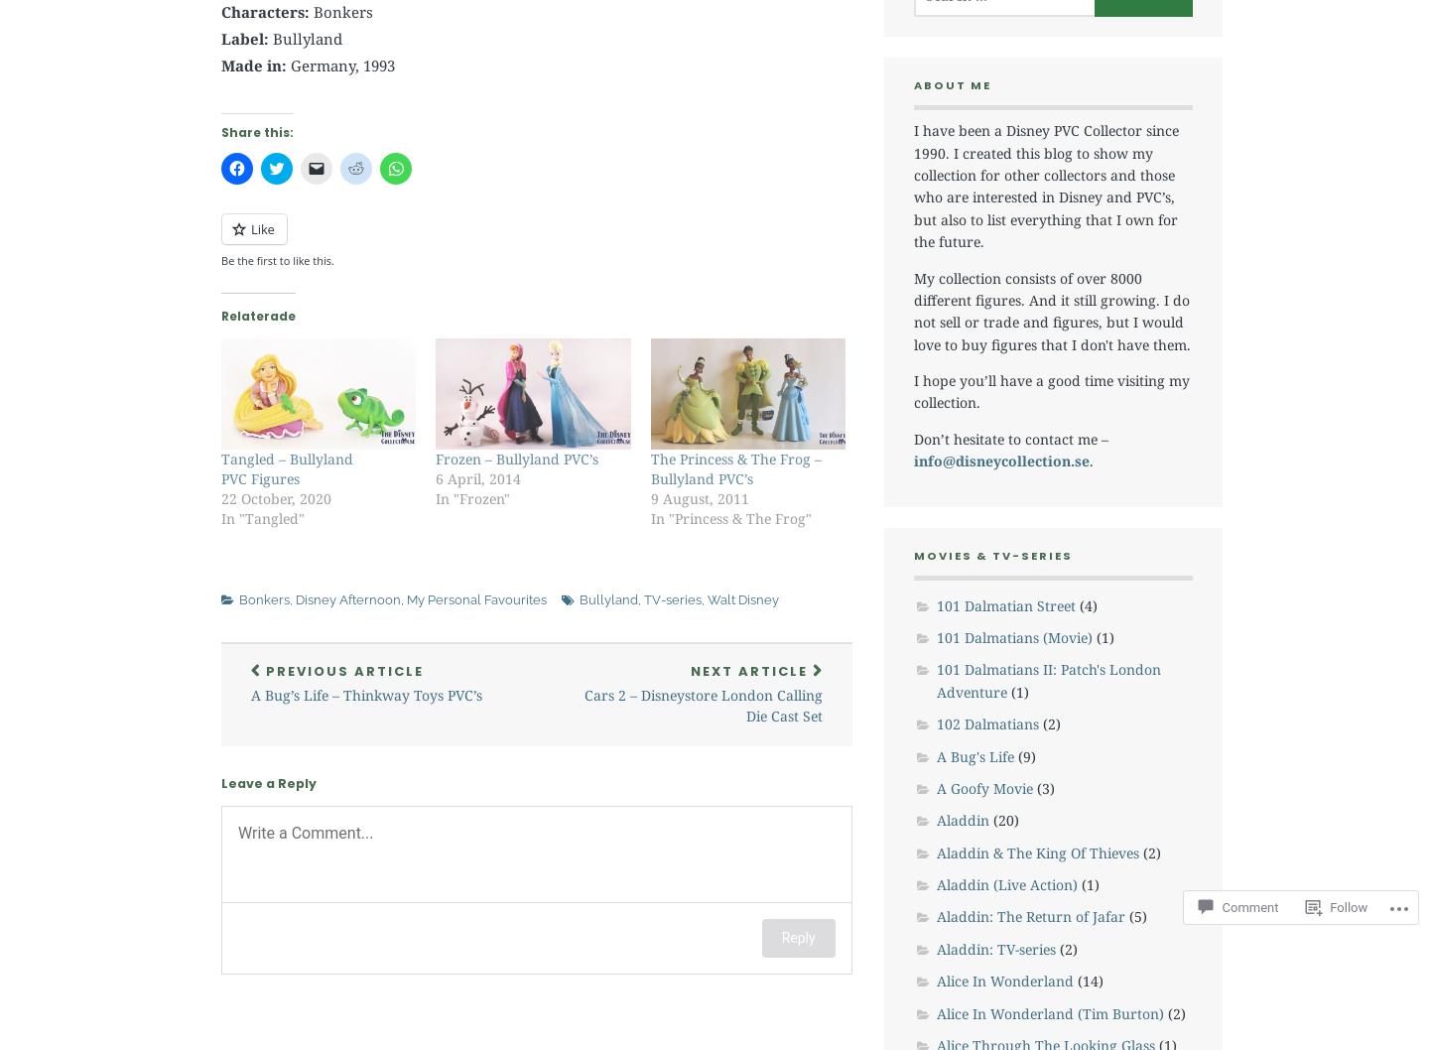  What do you see at coordinates (1037, 851) in the screenshot?
I see `'Aladdin & The King Of Thieves'` at bounding box center [1037, 851].